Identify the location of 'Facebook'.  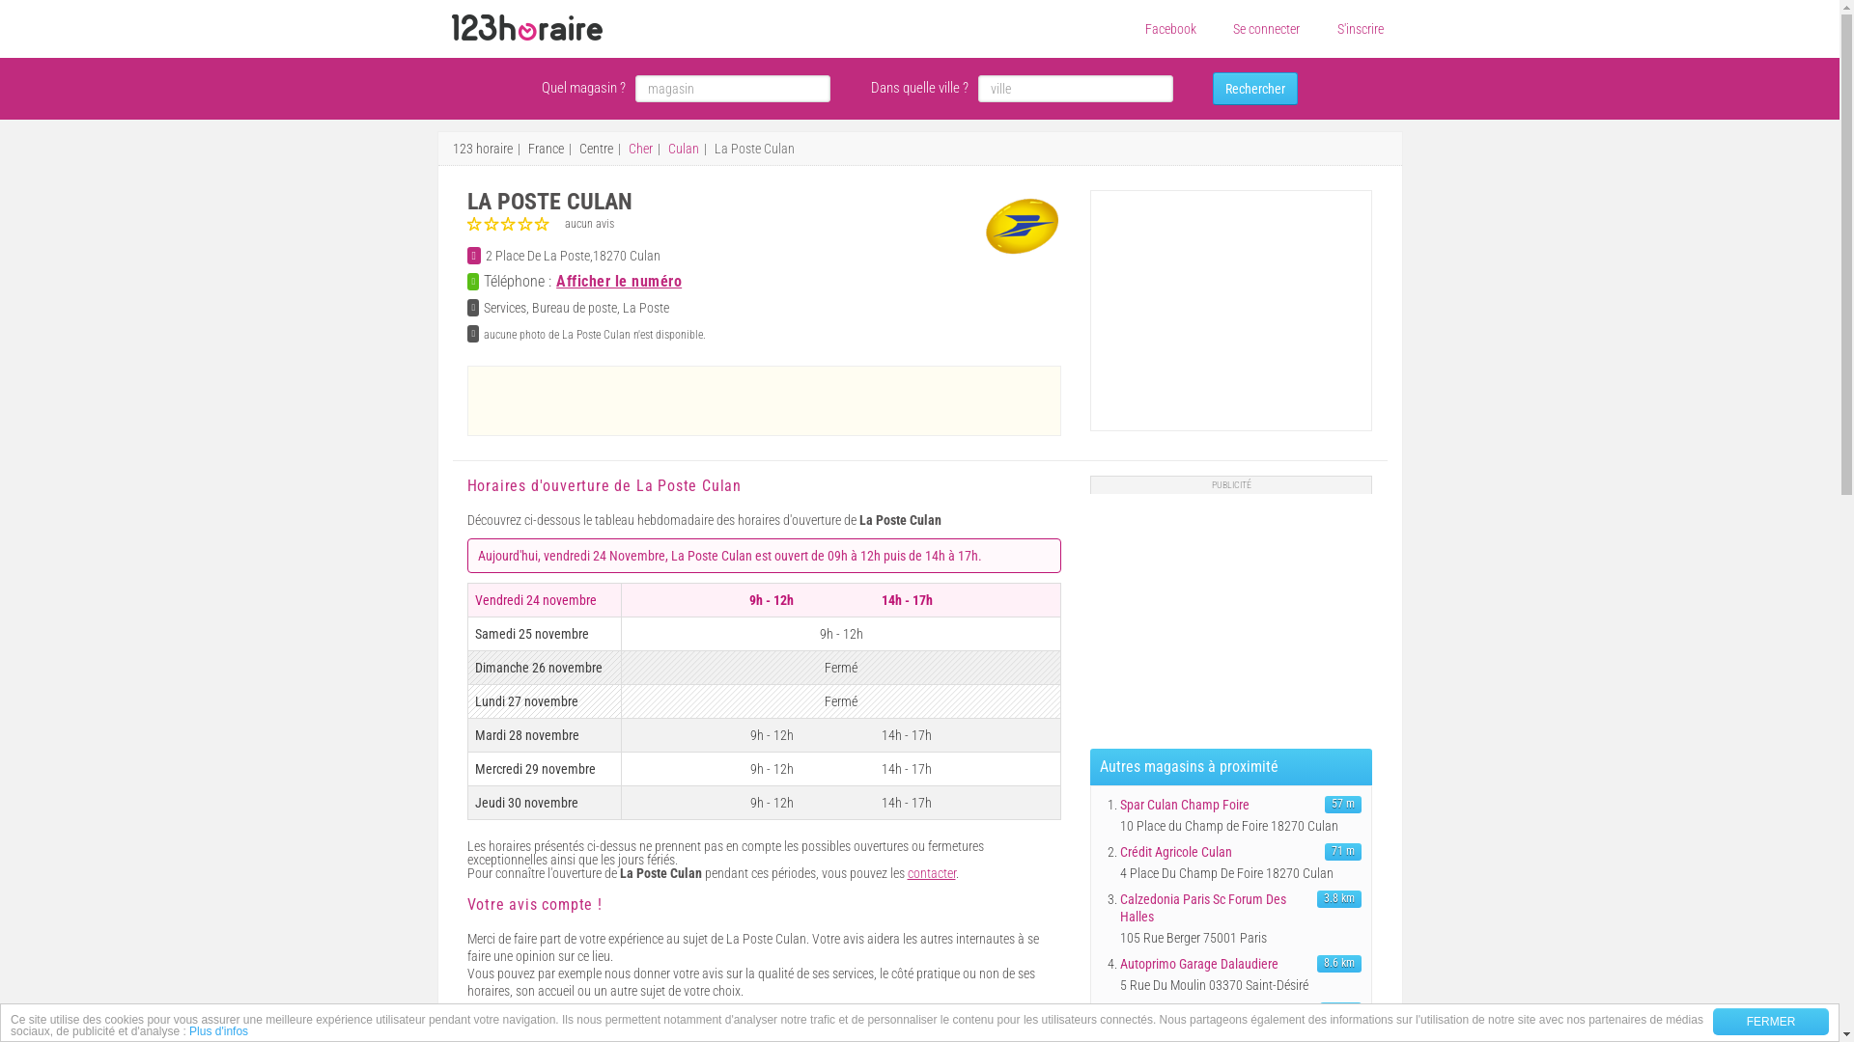
(1169, 29).